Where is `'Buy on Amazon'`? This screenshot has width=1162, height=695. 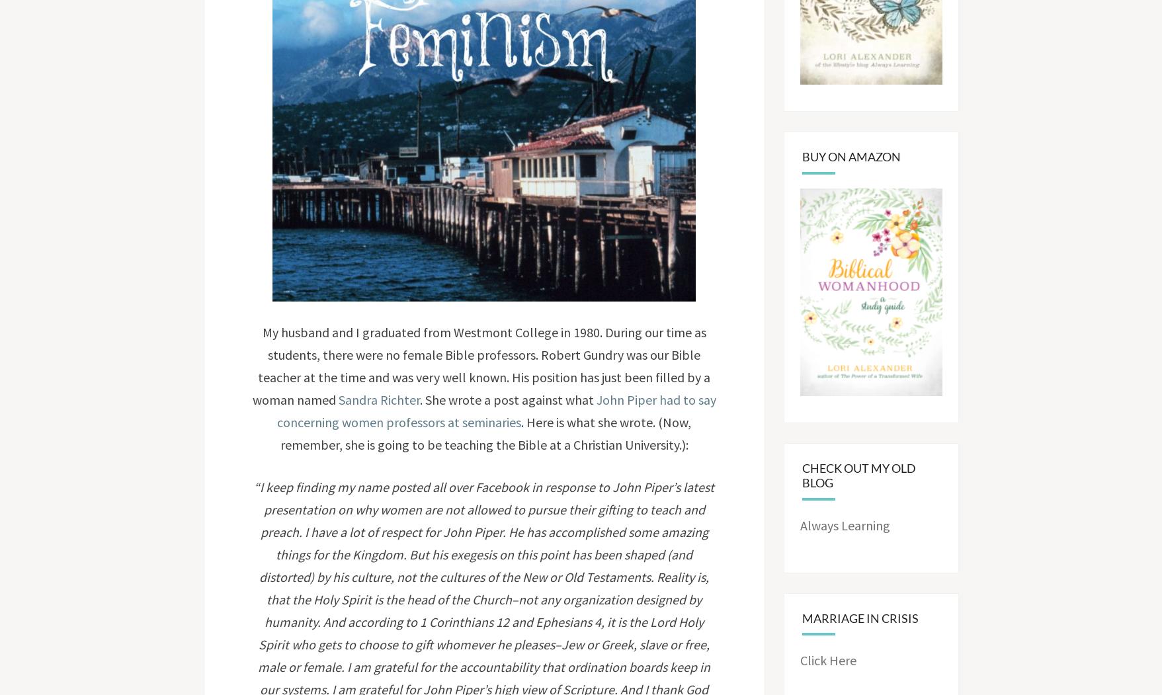
'Buy on Amazon' is located at coordinates (851, 156).